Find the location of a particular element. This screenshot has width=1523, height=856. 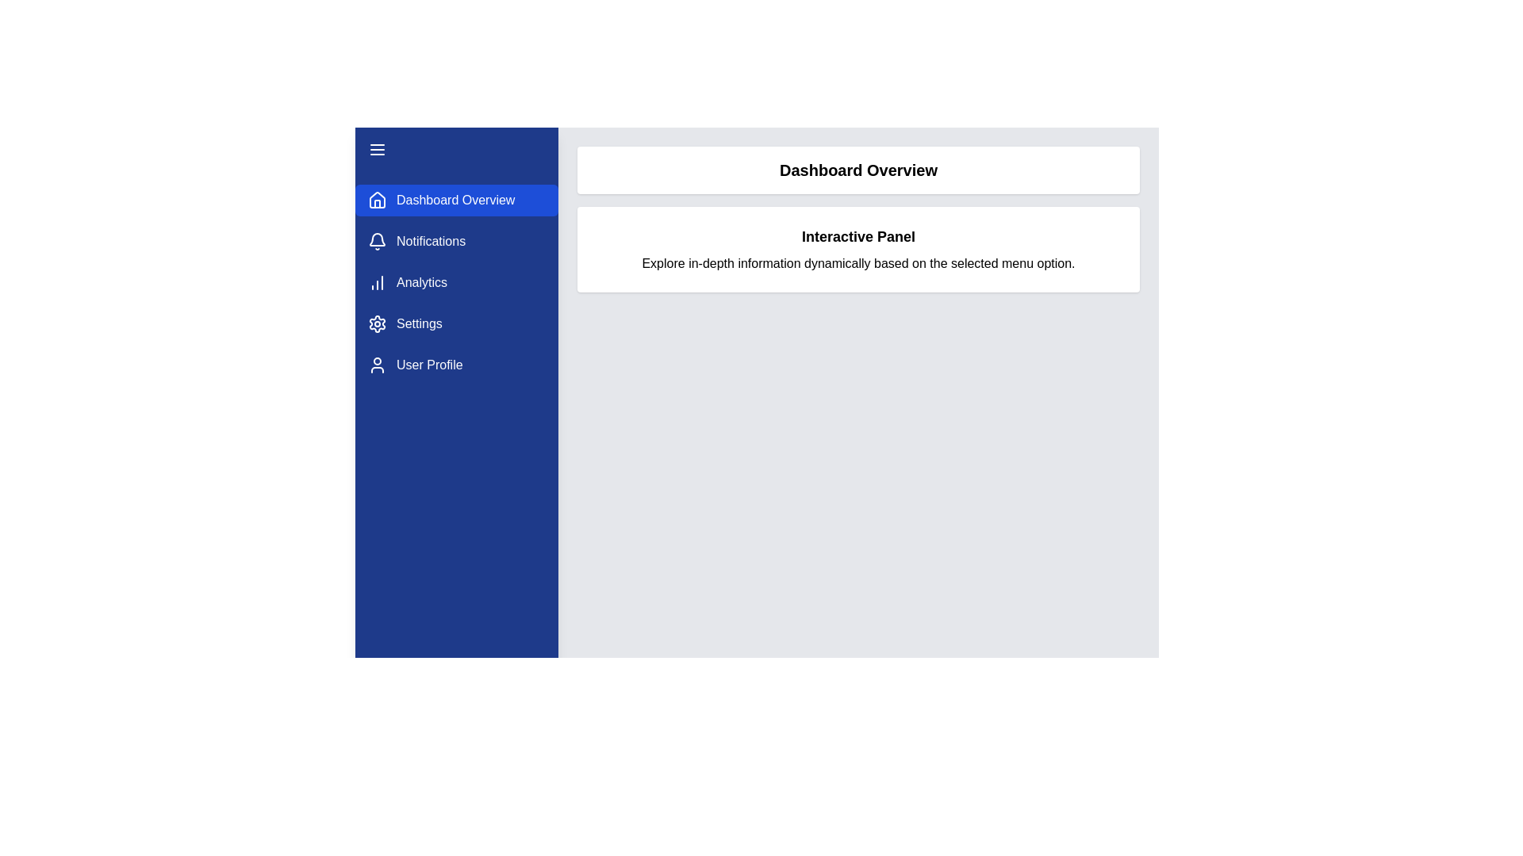

the static text content located directly beneath the title text 'Interactive Panel', which provides descriptive information about the interactive panel's purpose is located at coordinates (857, 262).